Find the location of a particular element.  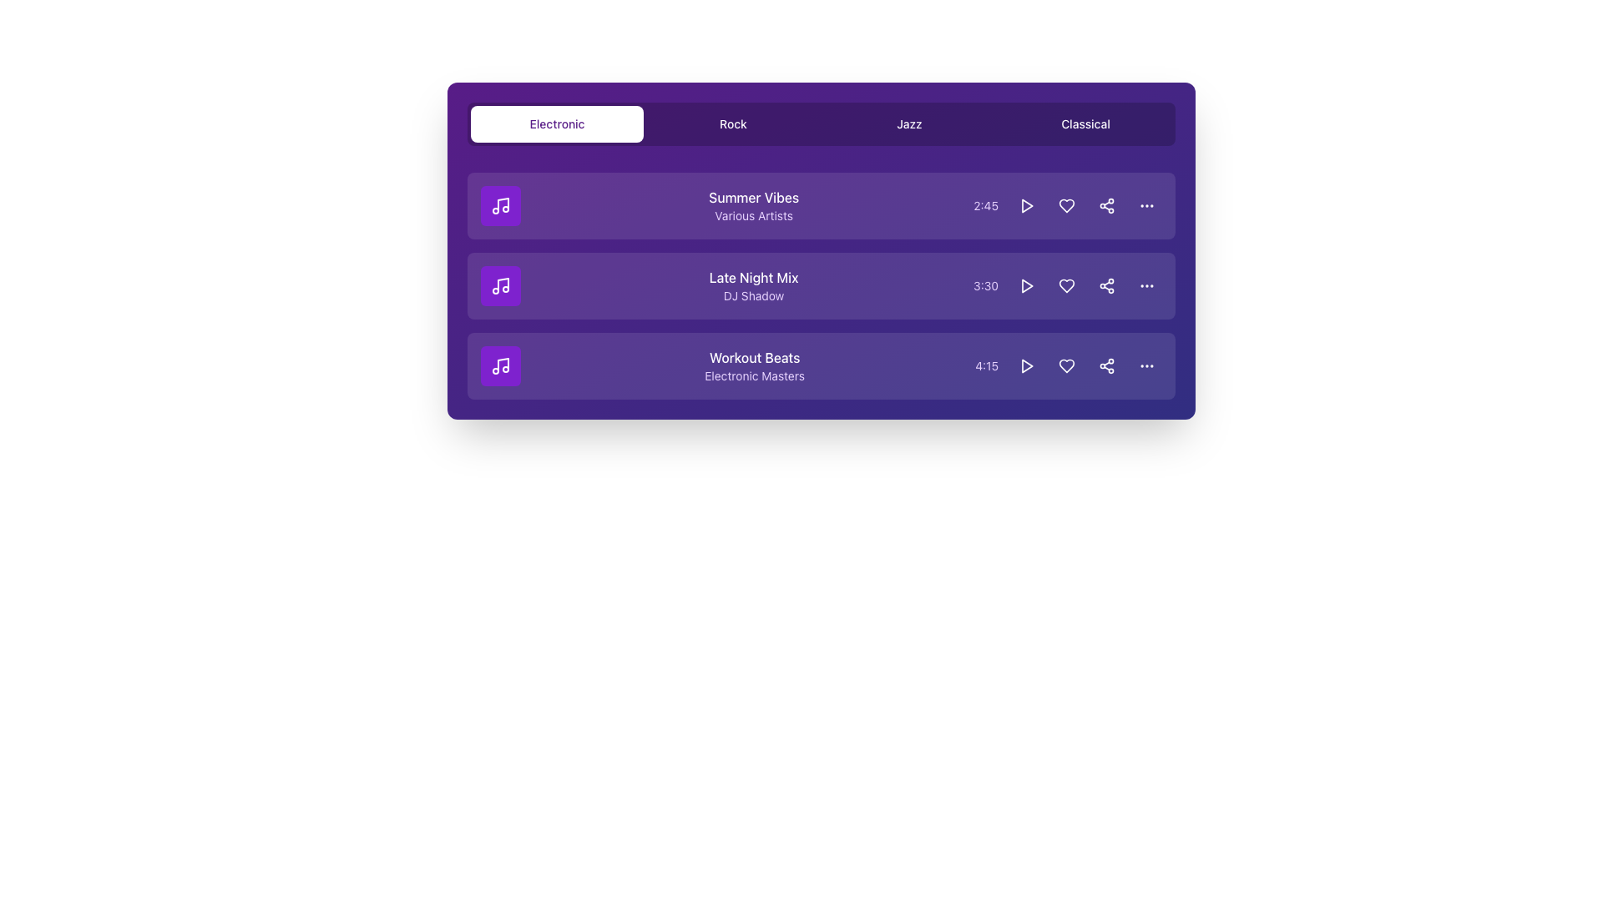

the triangular play icon button, which is white against a purple background, located in the right-most section of the third row within a list of media playback icons, to play the media is located at coordinates (1025, 365).